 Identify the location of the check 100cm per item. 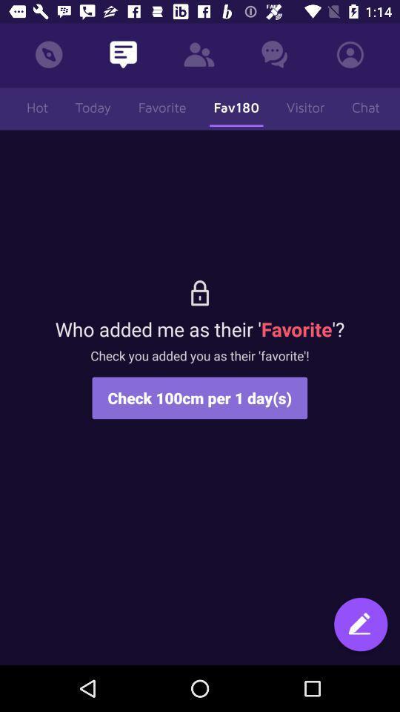
(199, 397).